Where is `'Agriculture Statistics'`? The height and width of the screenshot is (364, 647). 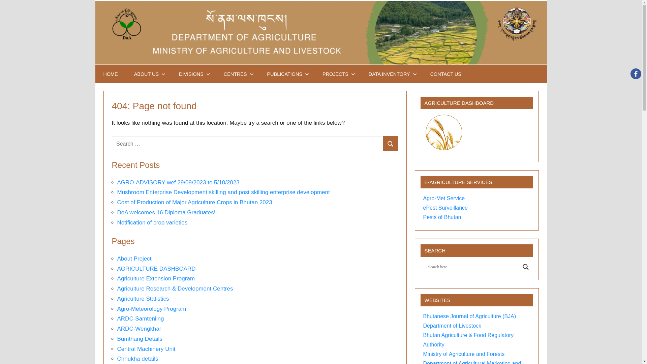 'Agriculture Statistics' is located at coordinates (143, 298).